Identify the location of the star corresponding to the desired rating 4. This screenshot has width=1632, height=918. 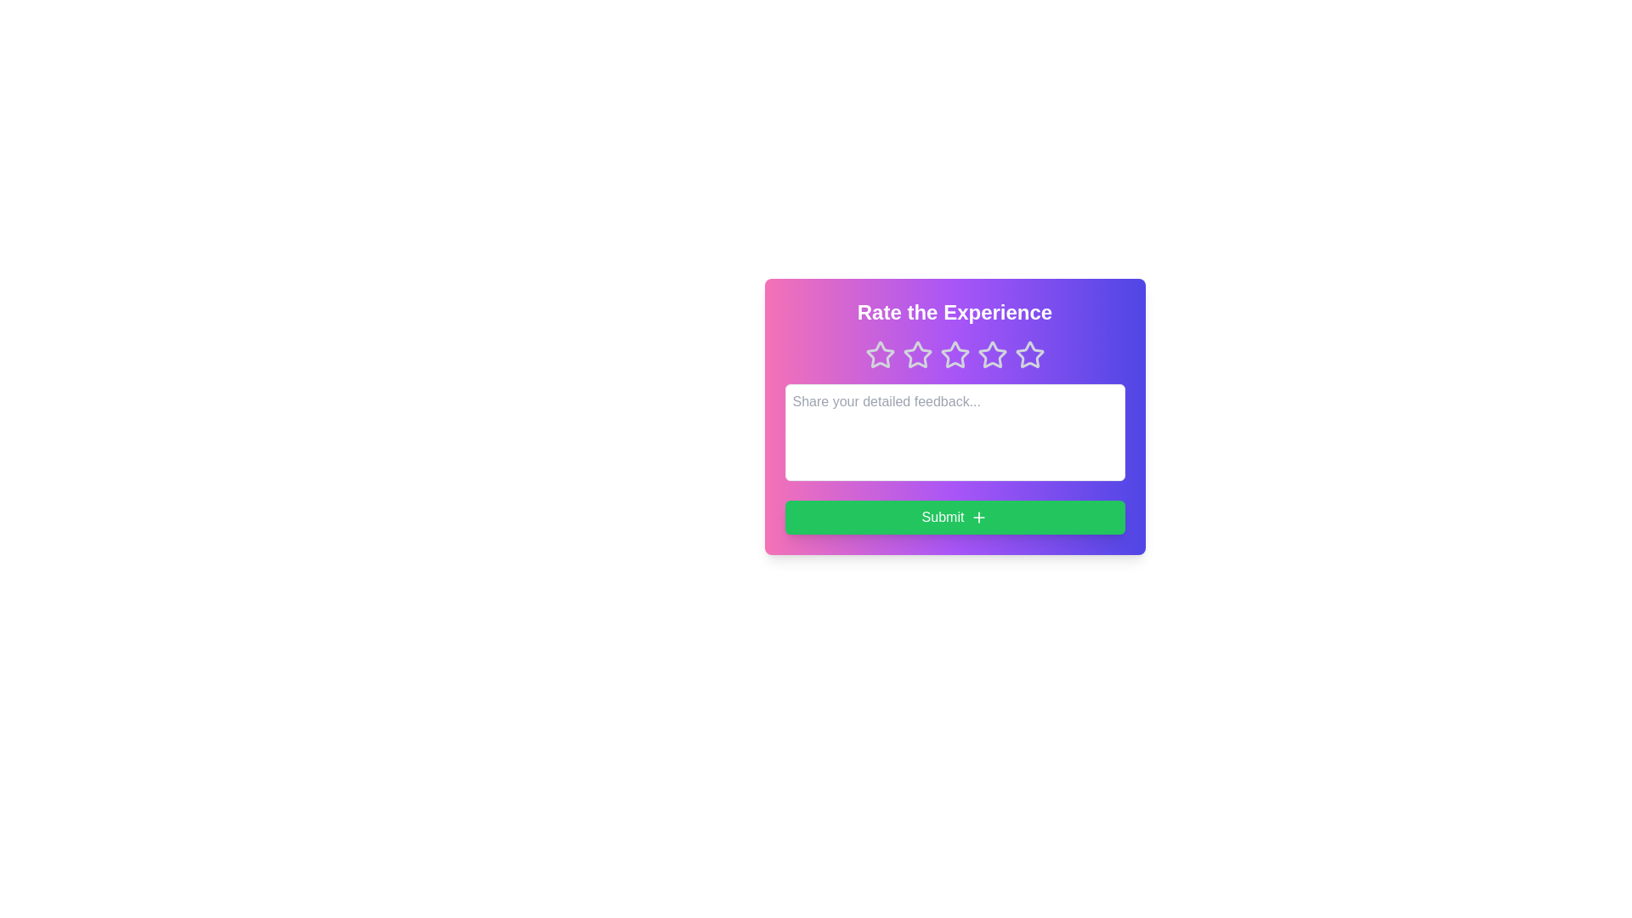
(992, 354).